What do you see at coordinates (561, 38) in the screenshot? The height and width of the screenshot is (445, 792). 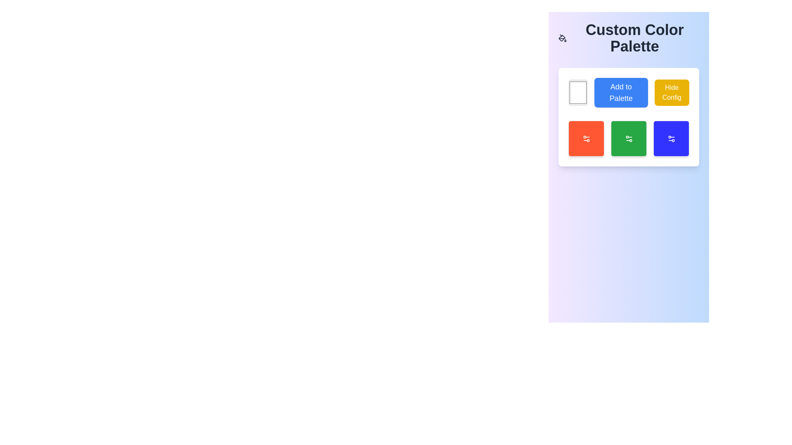 I see `the Decorative Icon located near the top-left corner of the interface, adjacent to the 'Custom Color Palette' text label, which visually represents a specific concept or function` at bounding box center [561, 38].